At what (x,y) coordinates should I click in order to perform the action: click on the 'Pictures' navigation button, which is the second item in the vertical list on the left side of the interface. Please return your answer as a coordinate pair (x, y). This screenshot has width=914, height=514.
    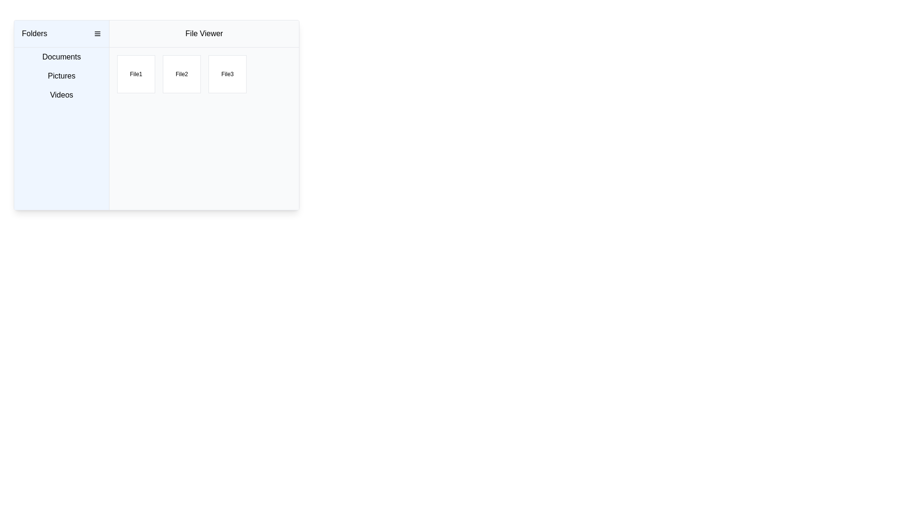
    Looking at the image, I should click on (61, 75).